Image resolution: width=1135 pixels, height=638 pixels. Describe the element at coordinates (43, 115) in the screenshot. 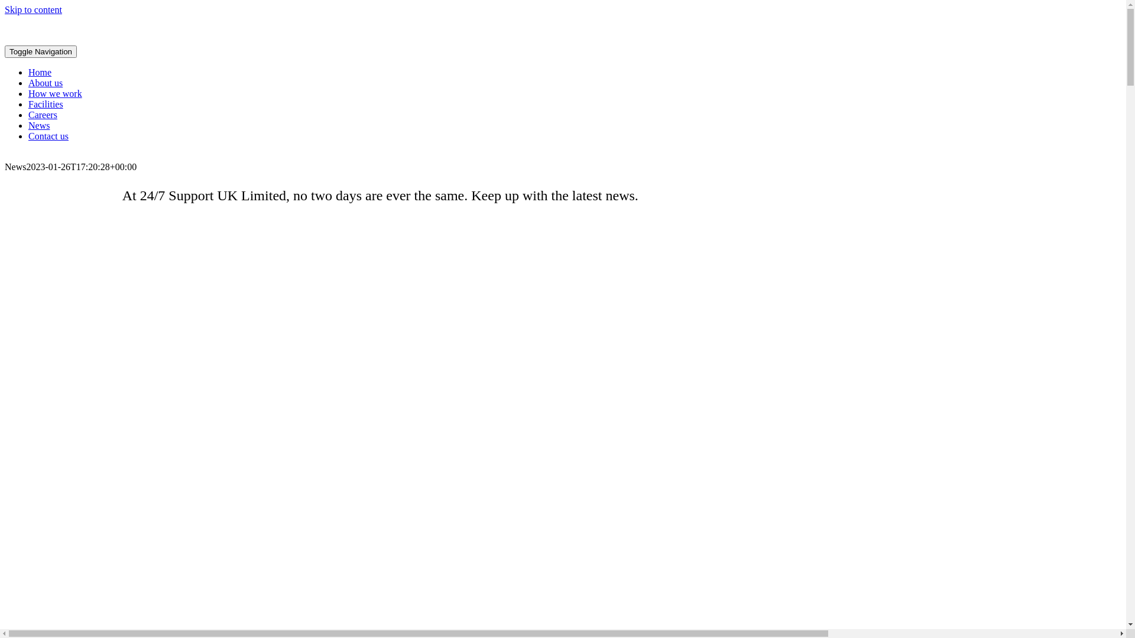

I see `'Careers'` at that location.